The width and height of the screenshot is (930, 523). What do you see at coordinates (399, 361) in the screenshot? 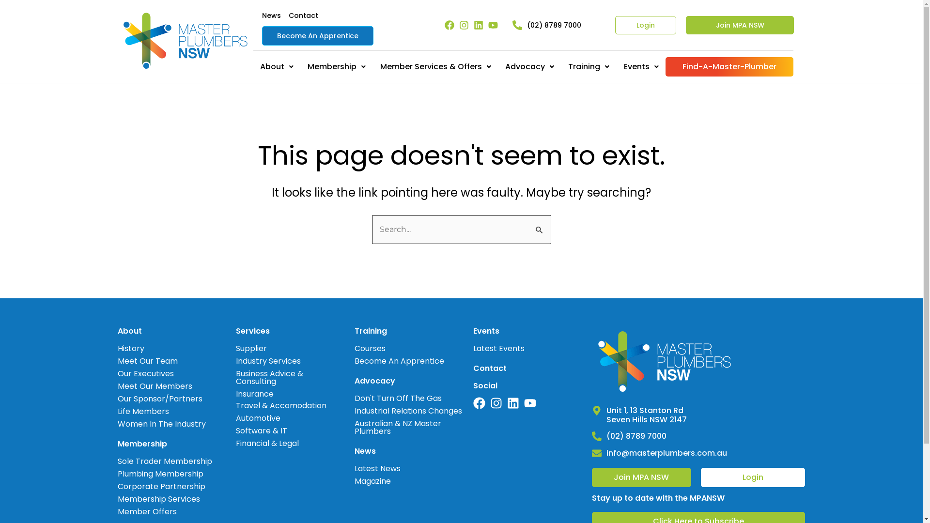
I see `'Become An Apprentice'` at bounding box center [399, 361].